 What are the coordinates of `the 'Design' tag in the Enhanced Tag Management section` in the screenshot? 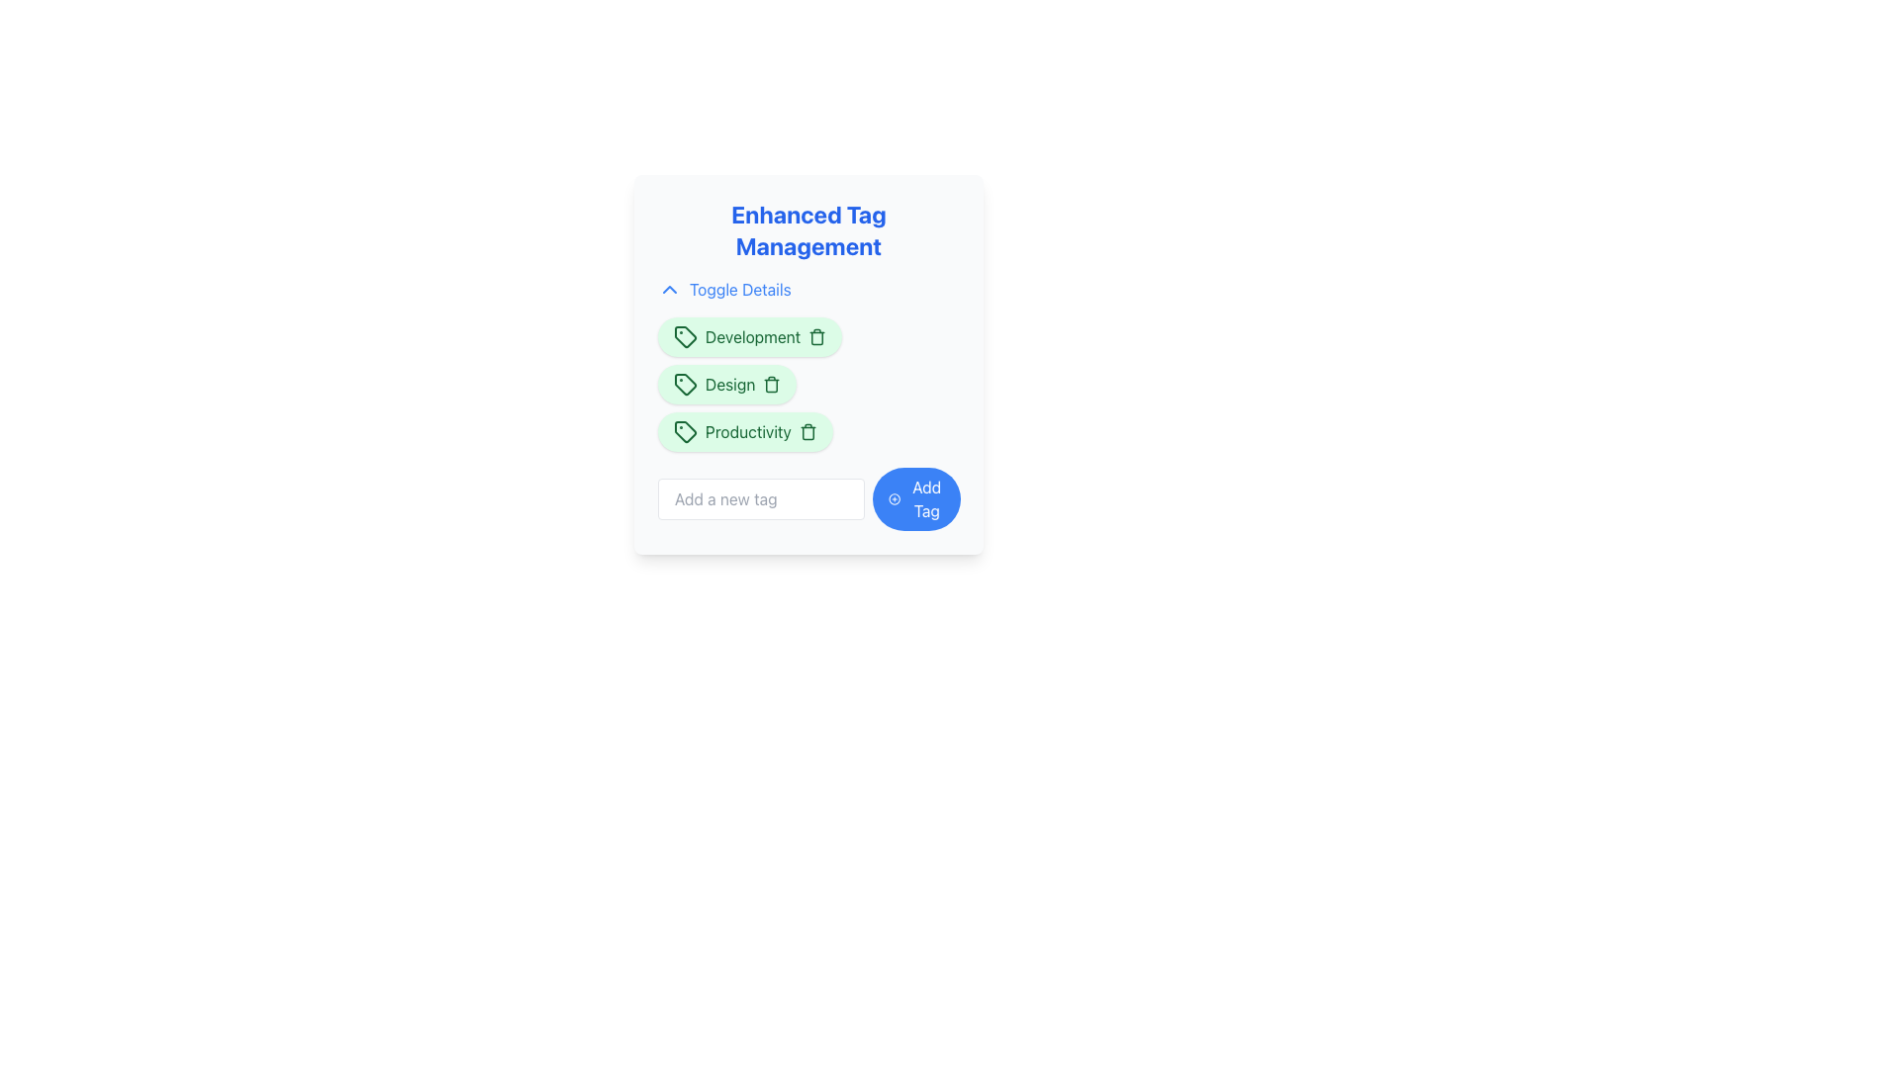 It's located at (726, 385).